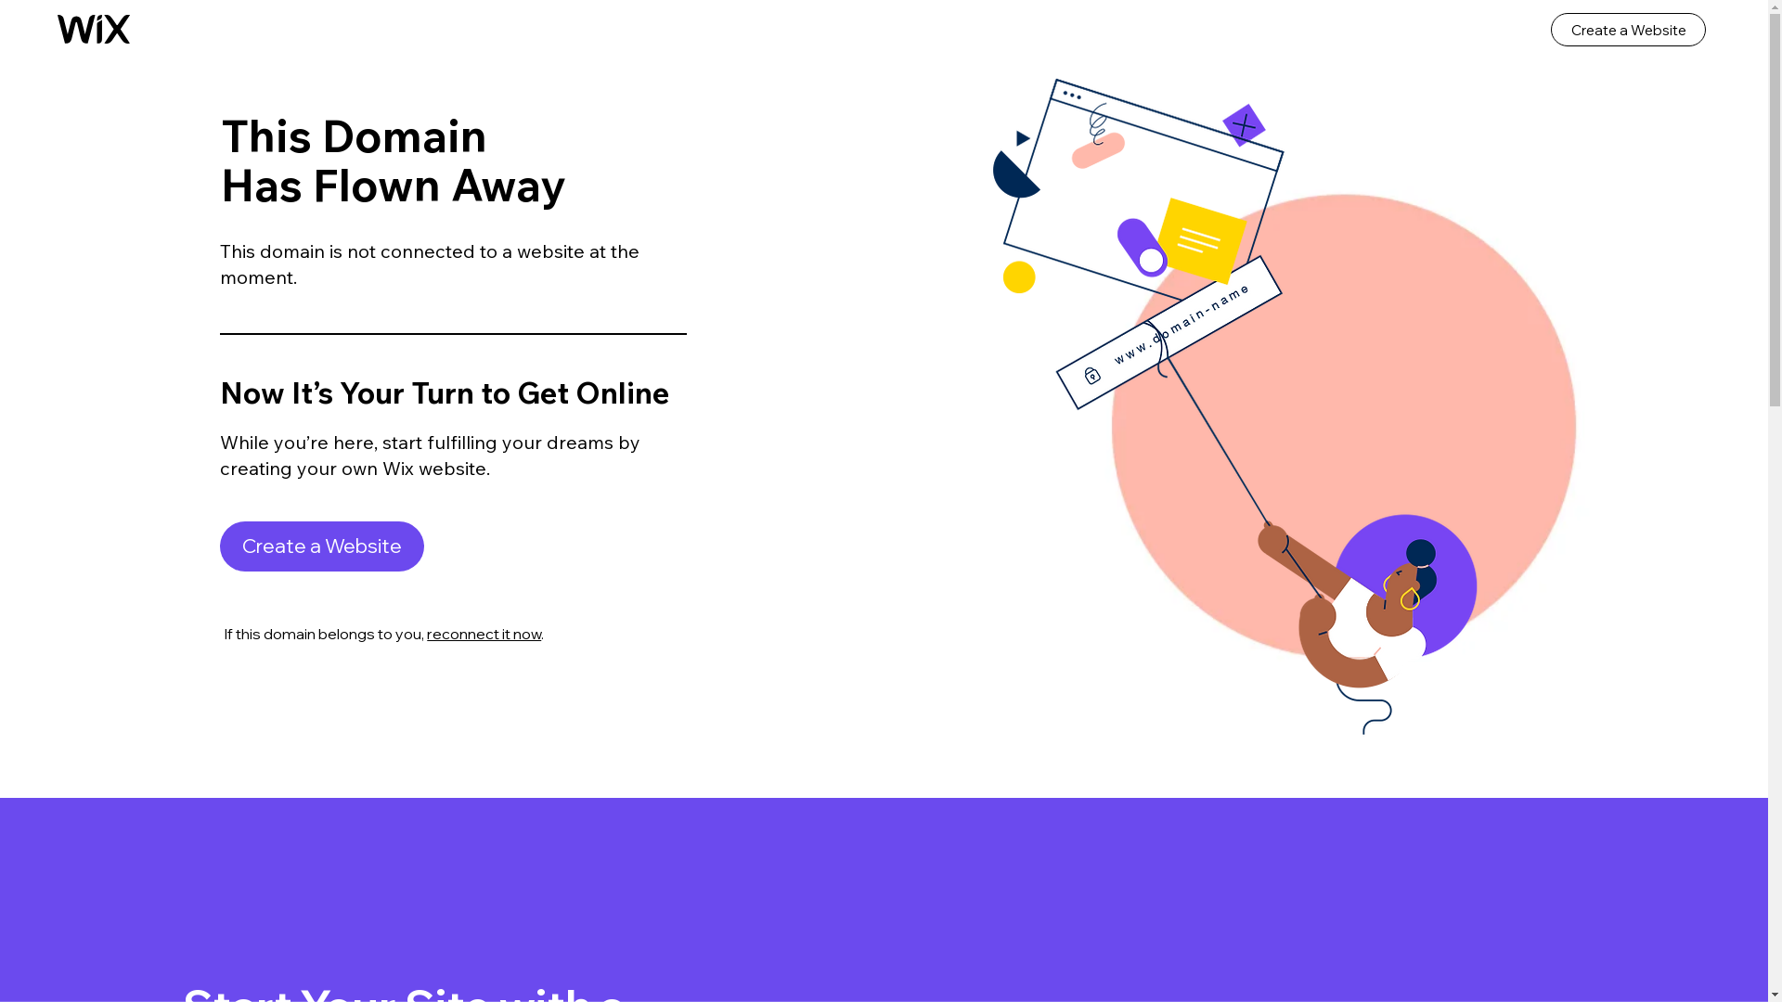 This screenshot has width=1782, height=1002. Describe the element at coordinates (321, 546) in the screenshot. I see `'Create a Website'` at that location.